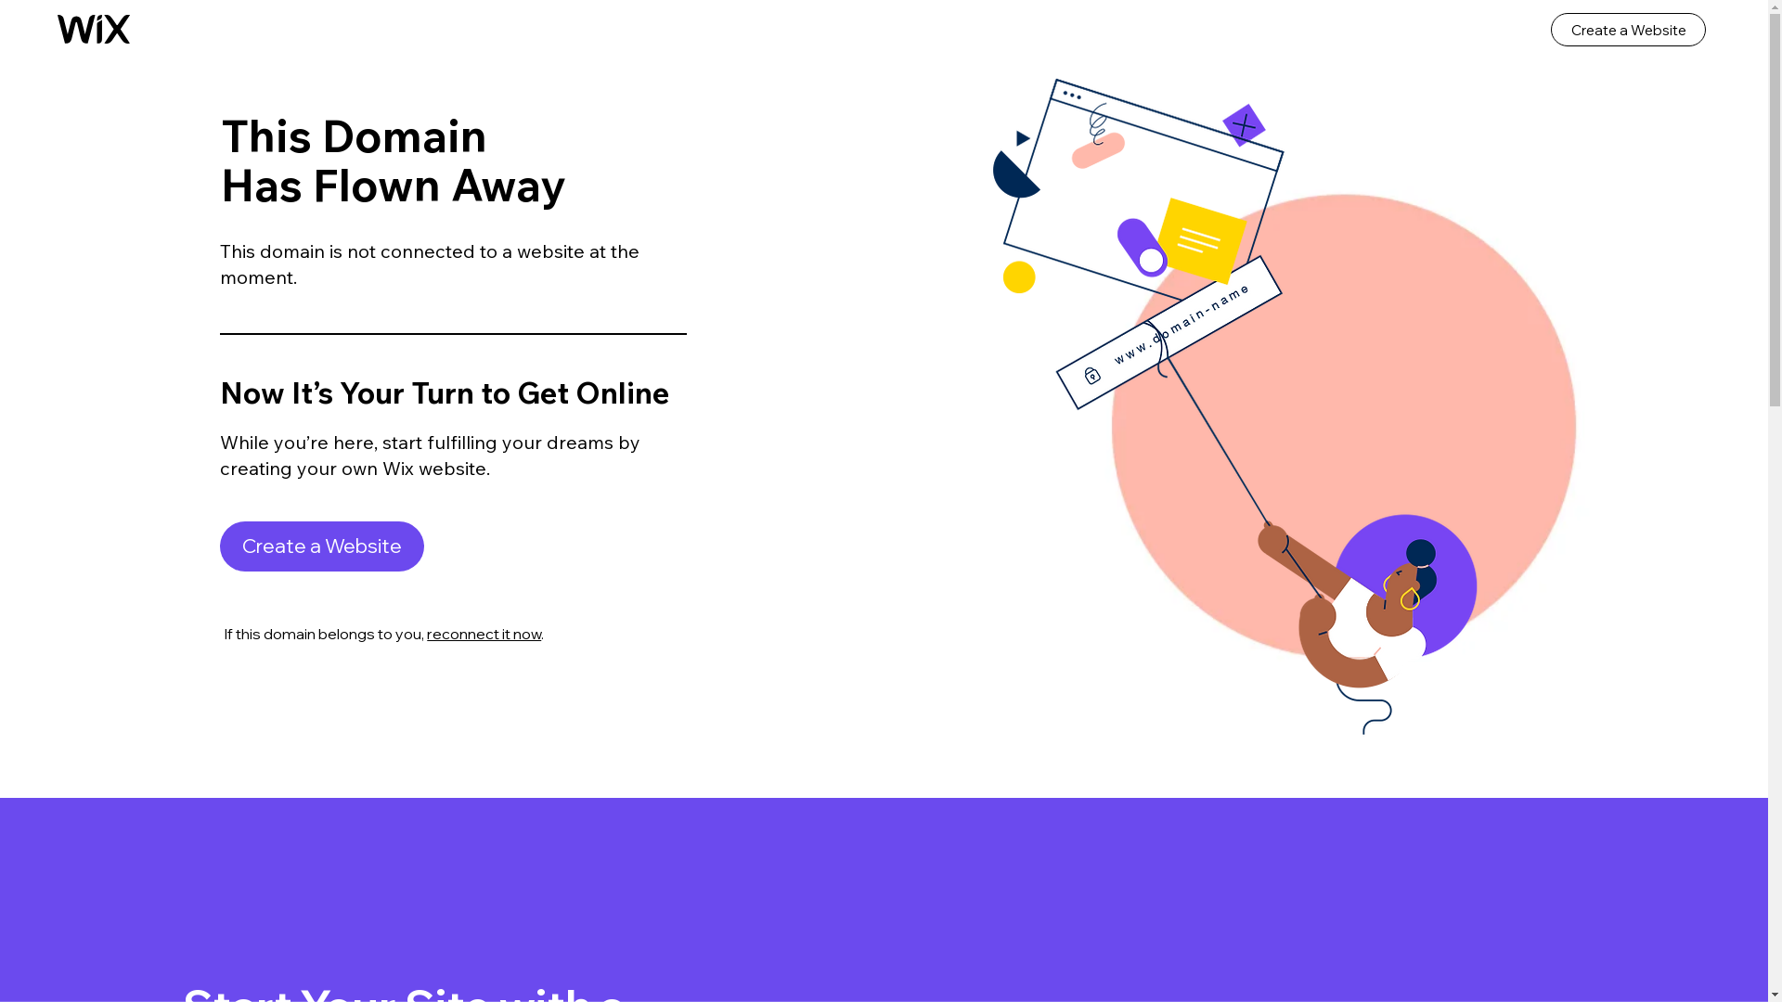 This screenshot has width=1782, height=1002. Describe the element at coordinates (321, 546) in the screenshot. I see `'Create a Website'` at that location.